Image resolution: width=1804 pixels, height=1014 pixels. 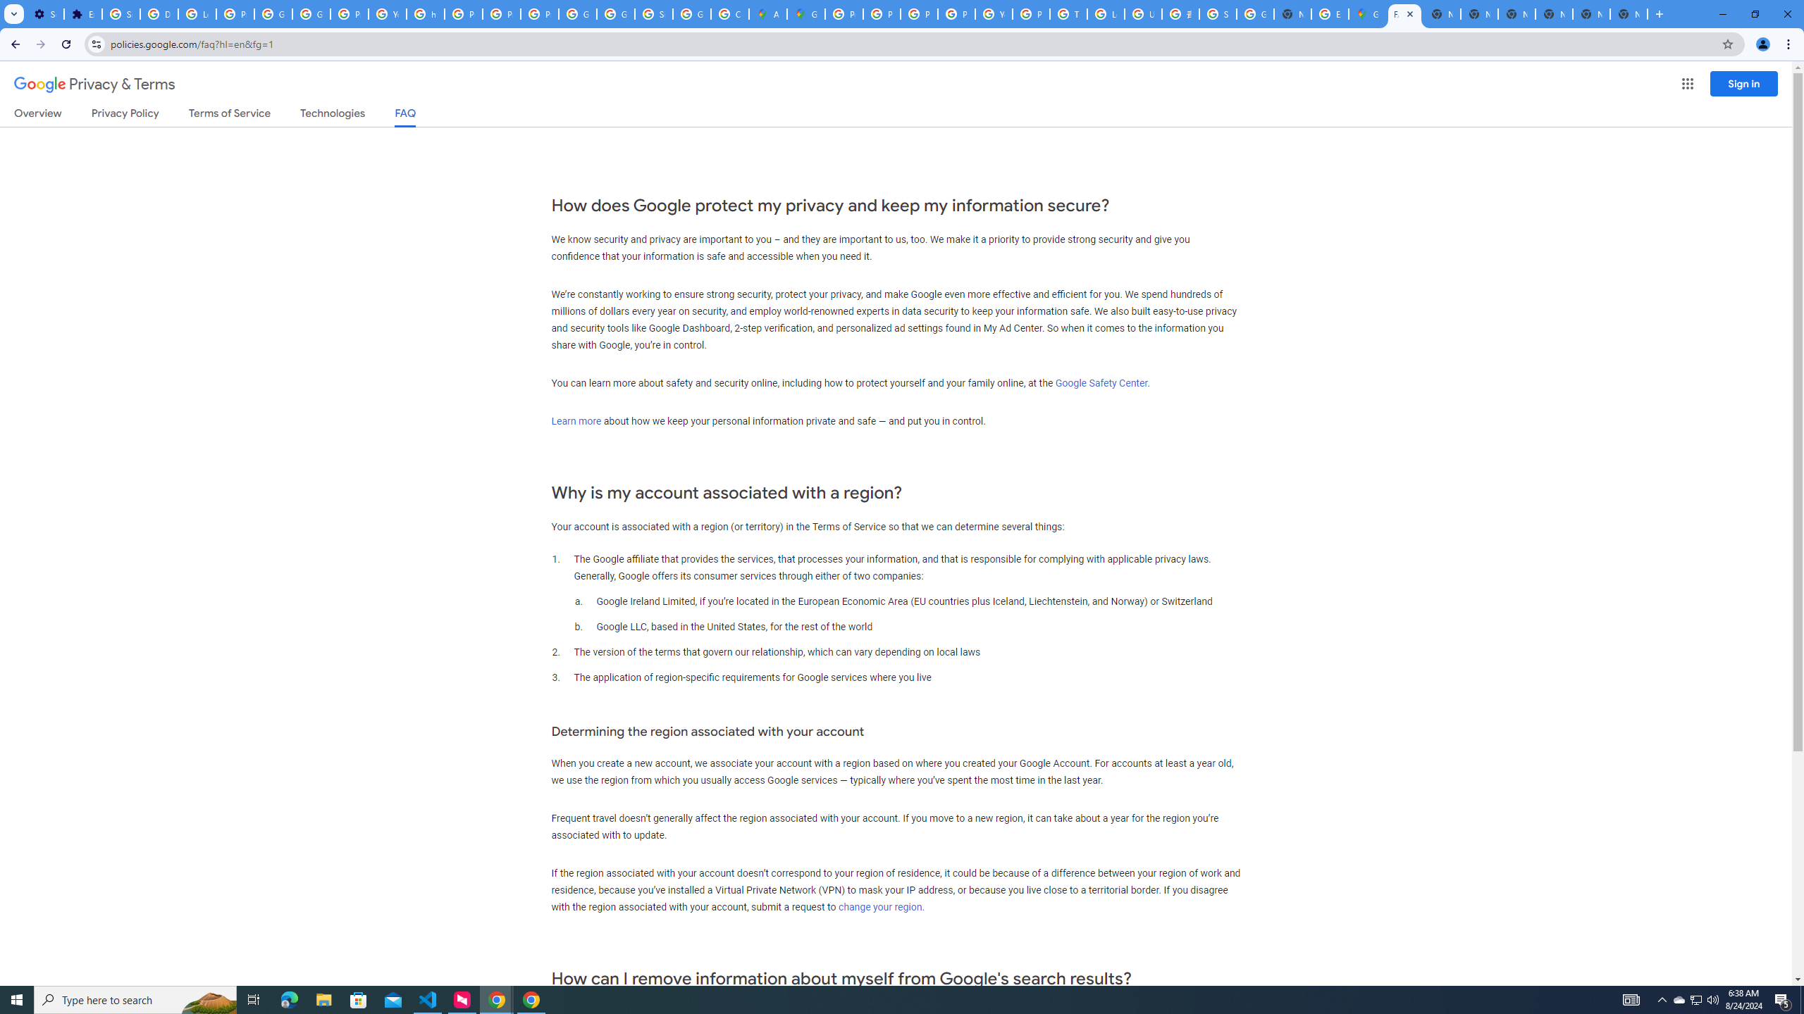 I want to click on 'change your region.', so click(x=881, y=906).